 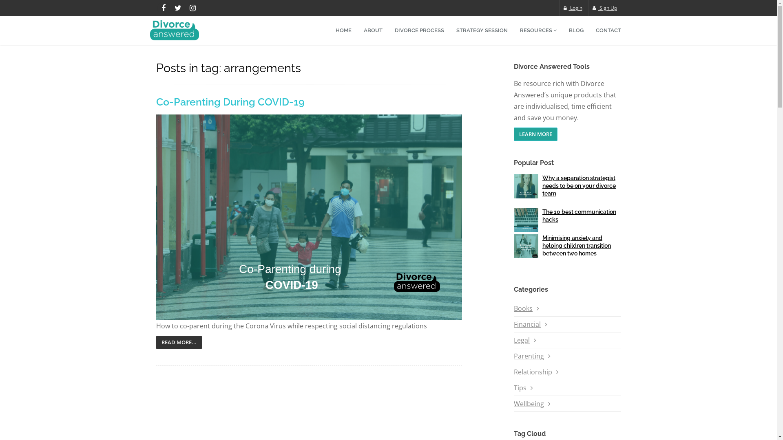 What do you see at coordinates (419, 30) in the screenshot?
I see `'DIVORCE PROCESS'` at bounding box center [419, 30].